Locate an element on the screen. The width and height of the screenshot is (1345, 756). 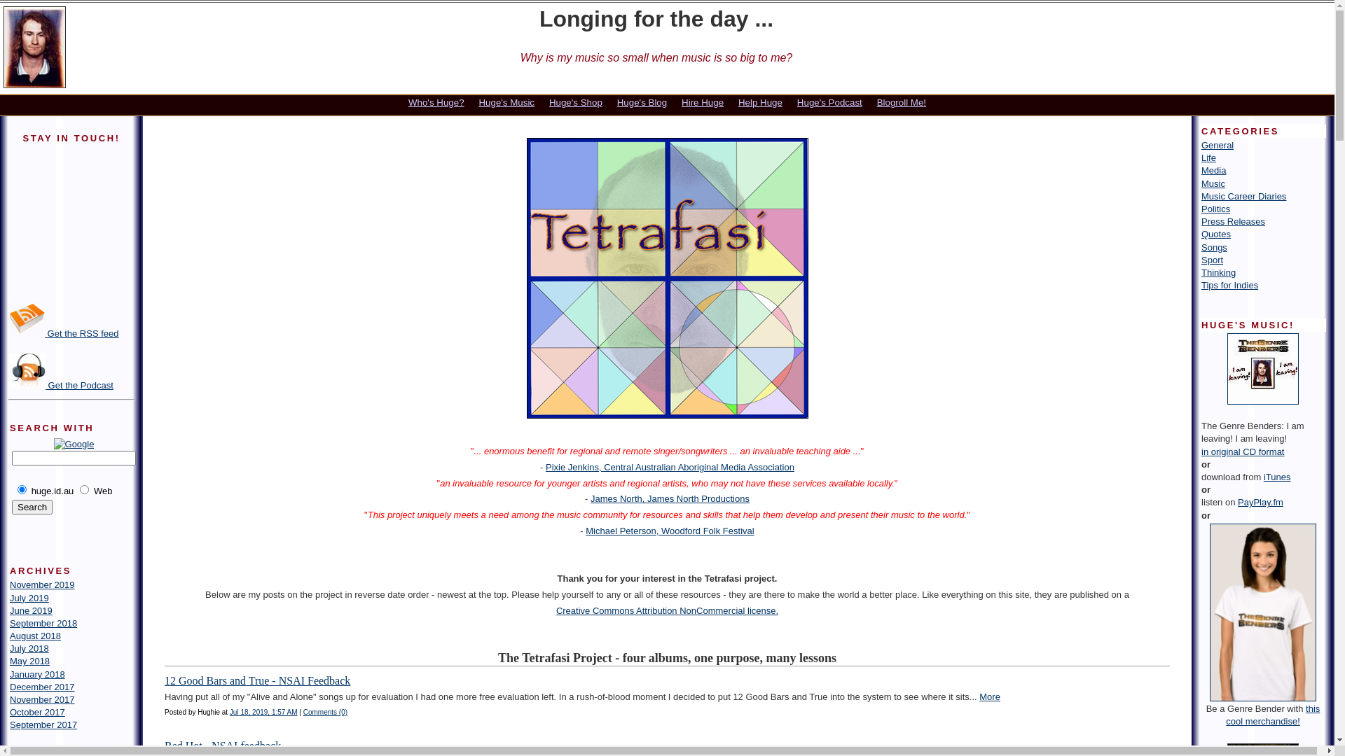
'Blogroll Me!' is located at coordinates (901, 101).